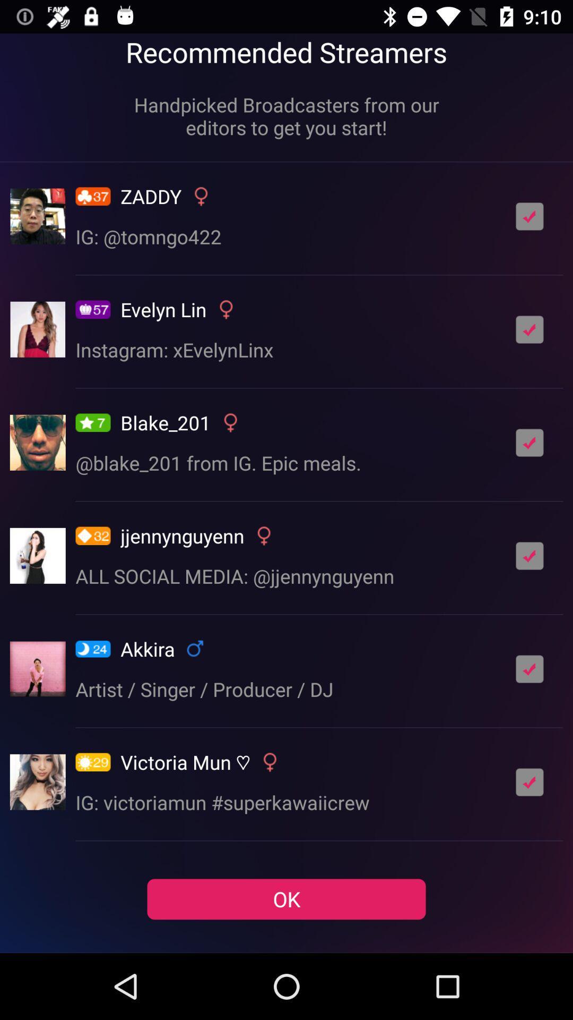 The image size is (573, 1020). Describe the element at coordinates (529, 329) in the screenshot. I see `add/follow streamers` at that location.